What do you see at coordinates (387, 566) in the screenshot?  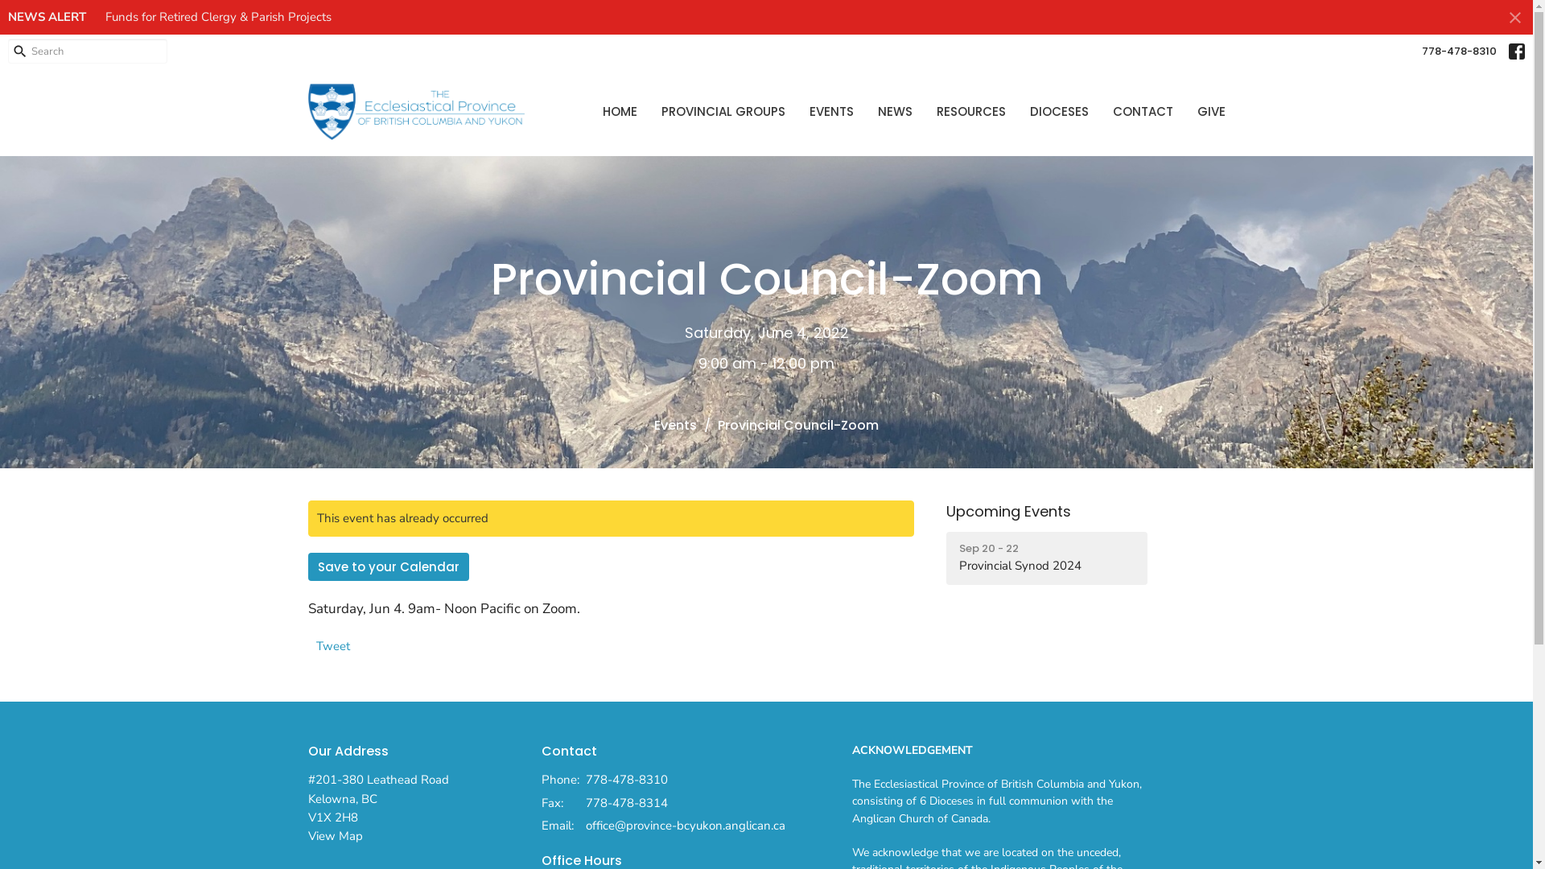 I see `'Save to your Calendar'` at bounding box center [387, 566].